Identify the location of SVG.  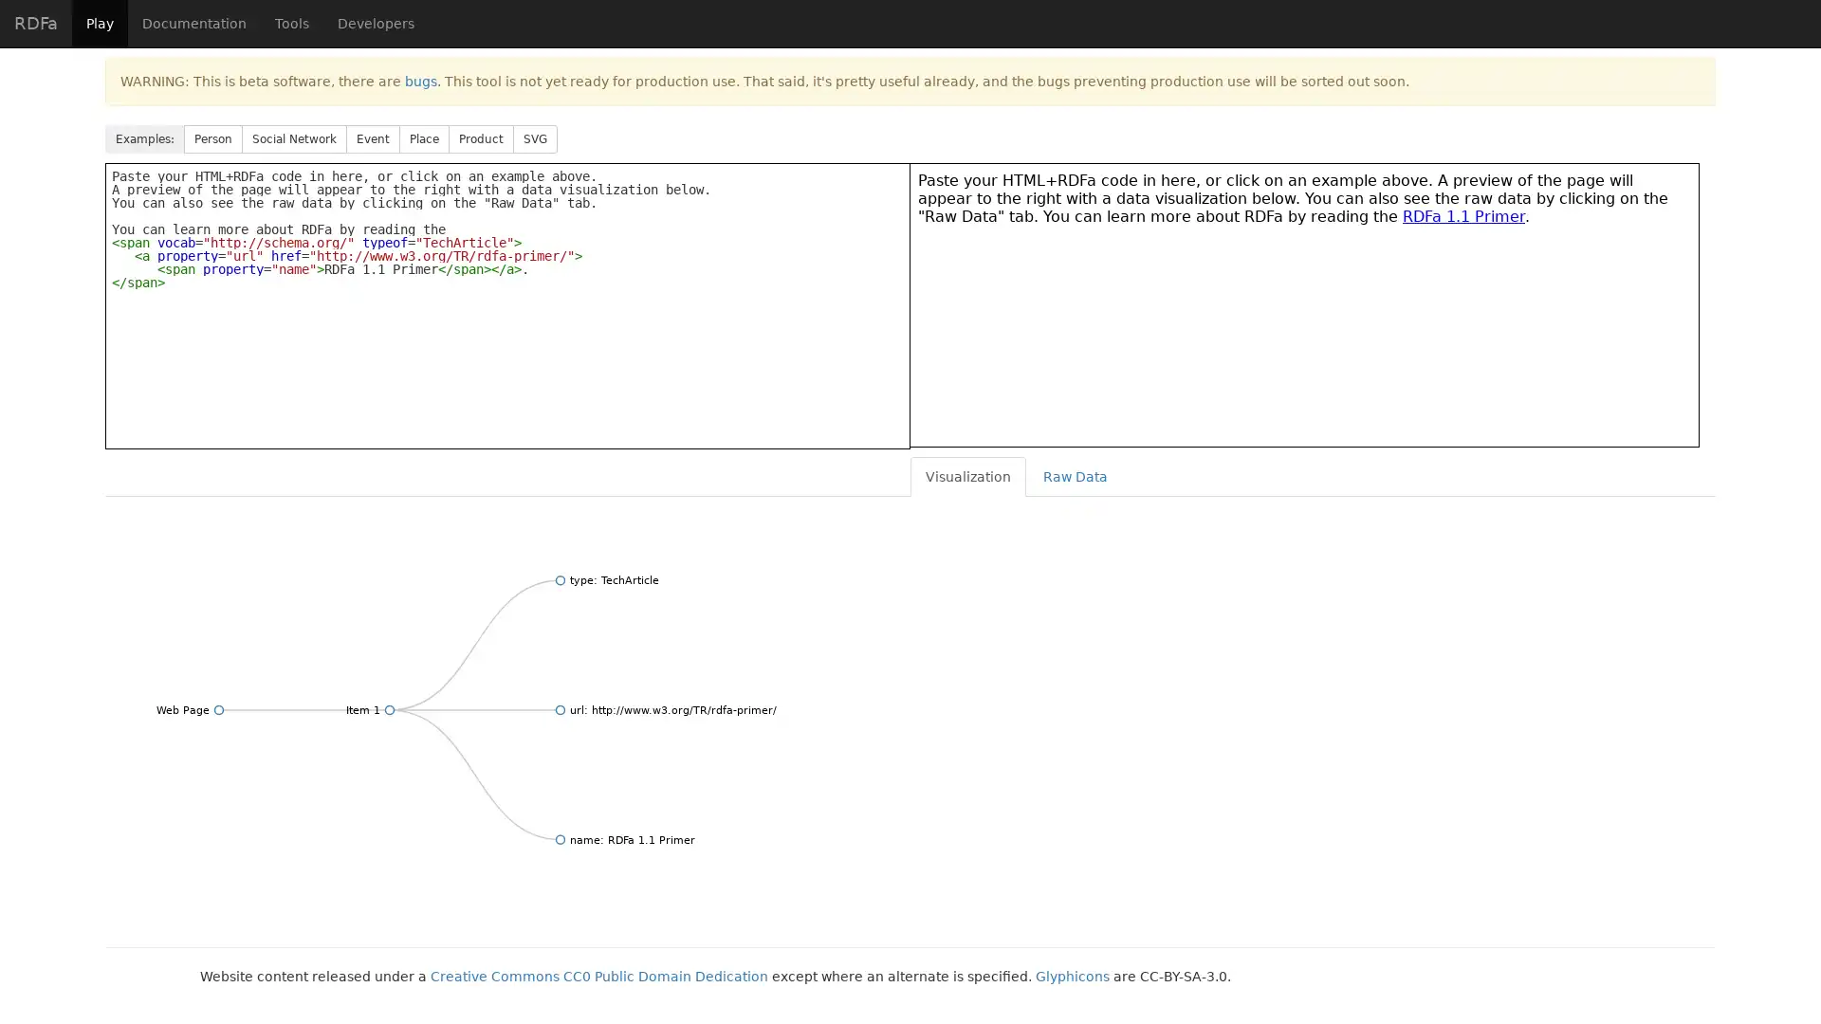
(534, 137).